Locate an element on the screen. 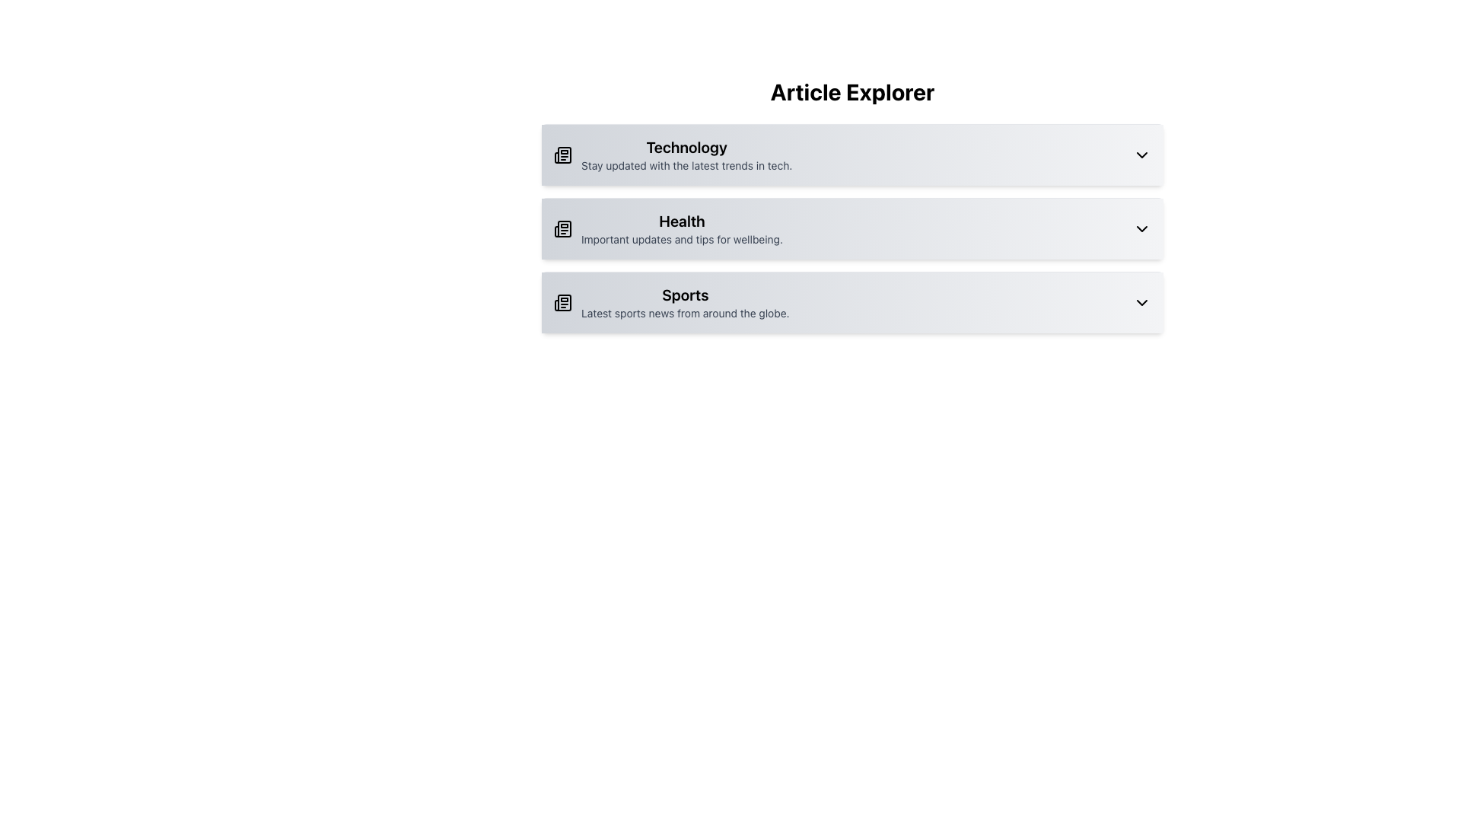 Image resolution: width=1461 pixels, height=822 pixels. the 'Technology' icon, which is located at the leftmost end of the 'Technology' section, adjacent to the text 'Technology', if it is enabled is located at coordinates (562, 155).